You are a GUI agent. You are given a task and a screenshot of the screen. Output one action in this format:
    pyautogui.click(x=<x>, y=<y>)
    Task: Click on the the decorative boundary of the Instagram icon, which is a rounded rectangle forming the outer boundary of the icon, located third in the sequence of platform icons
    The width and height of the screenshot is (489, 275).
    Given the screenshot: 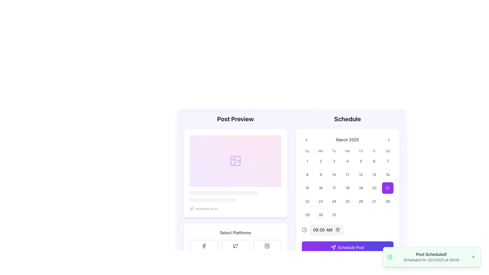 What is the action you would take?
    pyautogui.click(x=267, y=245)
    